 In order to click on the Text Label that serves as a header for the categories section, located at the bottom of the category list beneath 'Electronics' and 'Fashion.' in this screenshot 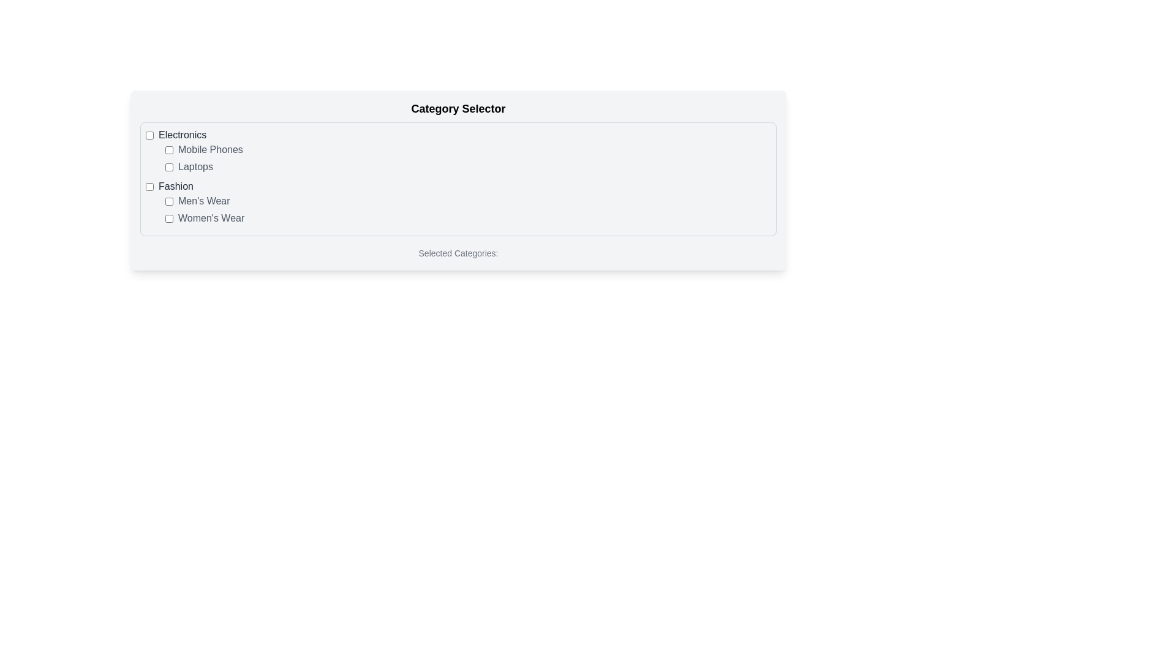, I will do `click(458, 252)`.